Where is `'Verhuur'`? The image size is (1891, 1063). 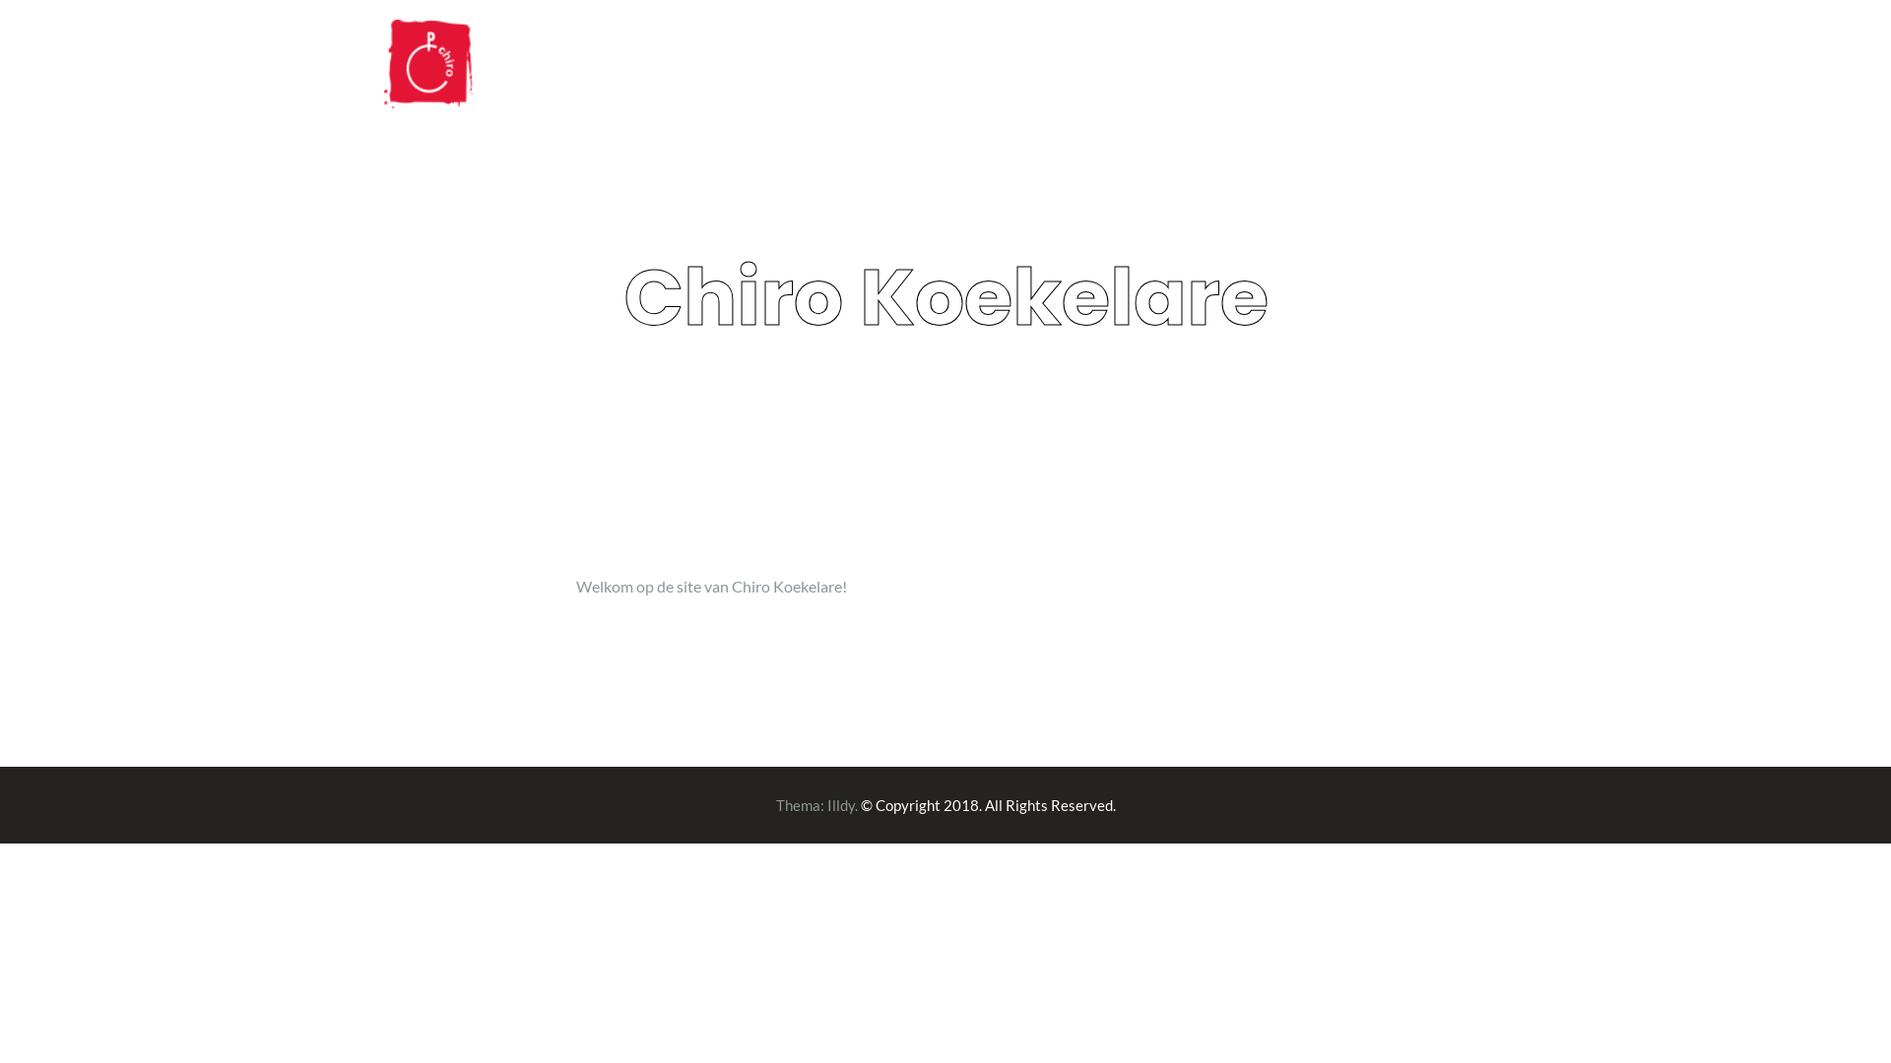
'Verhuur' is located at coordinates (1469, 66).